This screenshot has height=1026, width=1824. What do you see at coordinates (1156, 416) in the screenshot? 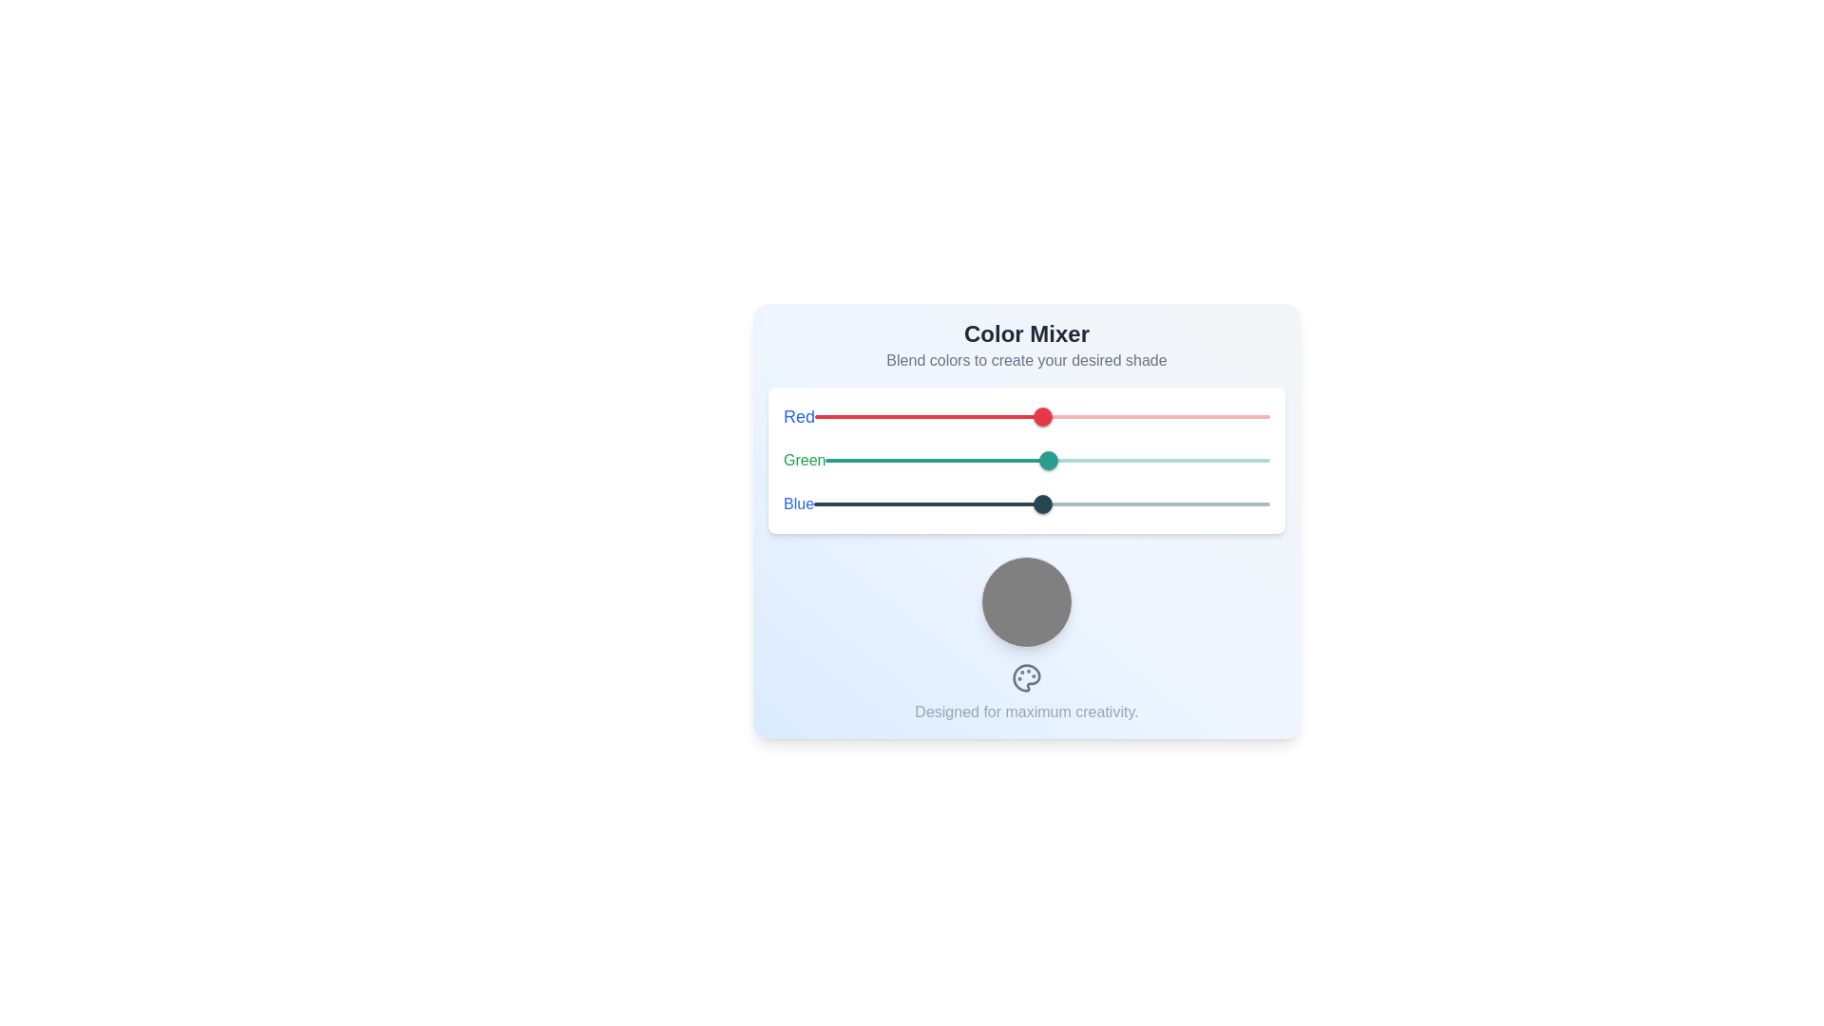
I see `the red color intensity` at bounding box center [1156, 416].